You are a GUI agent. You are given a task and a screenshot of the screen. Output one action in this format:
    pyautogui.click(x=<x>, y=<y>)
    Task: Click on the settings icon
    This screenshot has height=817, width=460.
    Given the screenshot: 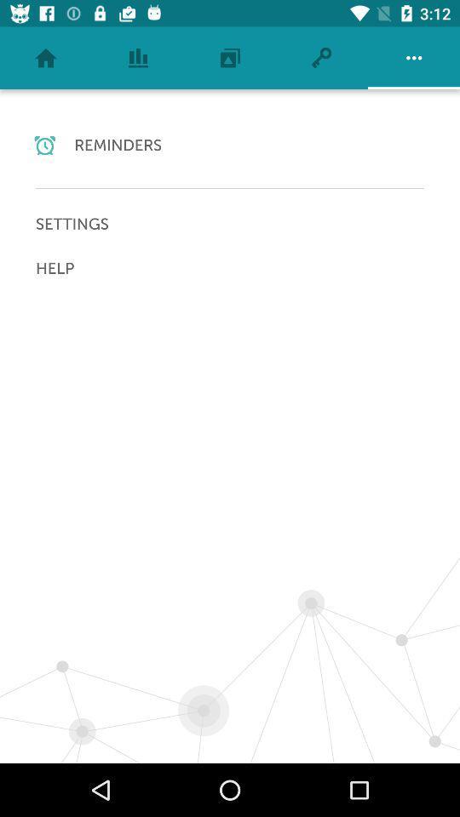 What is the action you would take?
    pyautogui.click(x=230, y=223)
    